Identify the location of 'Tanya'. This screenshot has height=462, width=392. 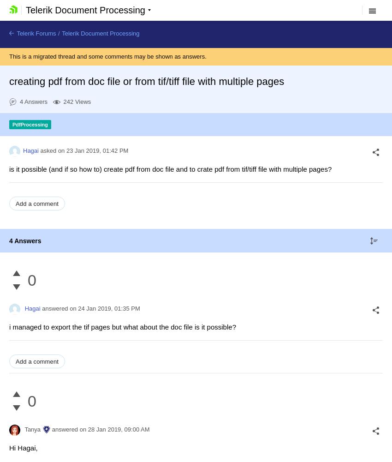
(32, 429).